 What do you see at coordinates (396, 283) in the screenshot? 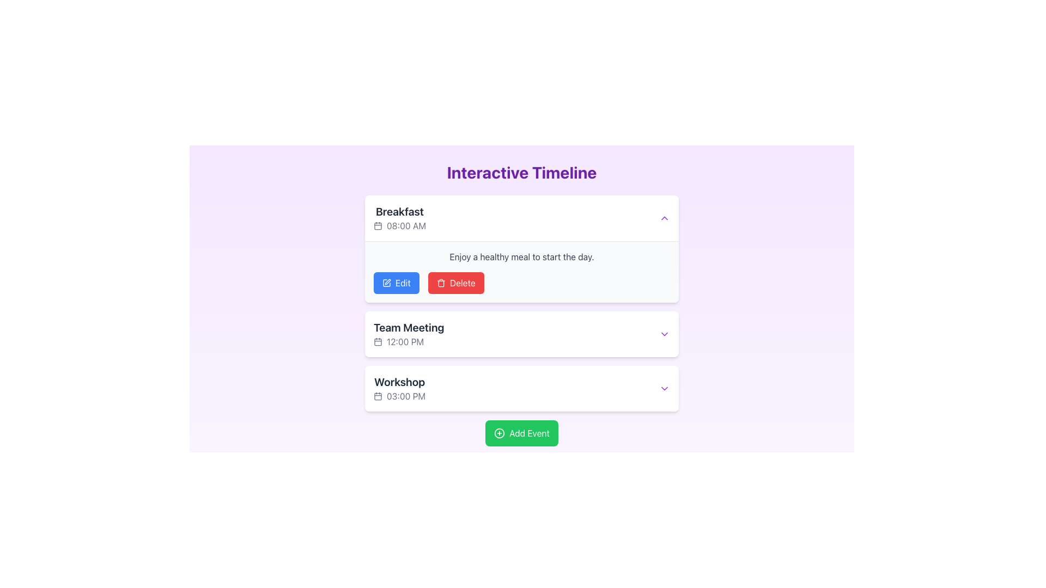
I see `the 'Edit' button located in the 'Interactive Timeline' under the 'Breakfast' event to initiate edit mode` at bounding box center [396, 283].